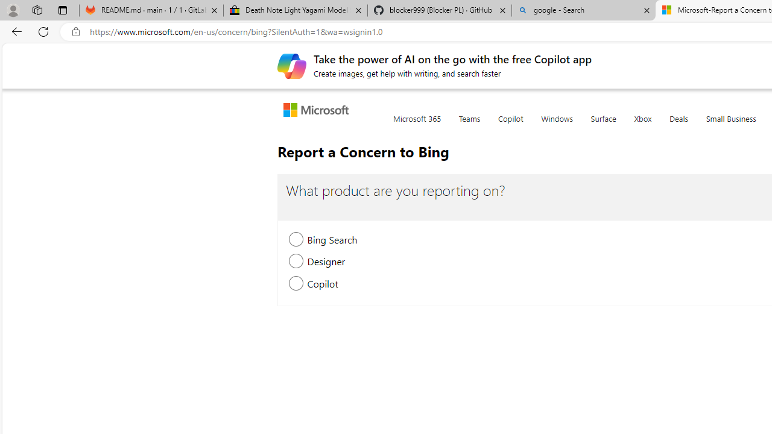 Image resolution: width=772 pixels, height=434 pixels. I want to click on 'Xbox', so click(642, 125).